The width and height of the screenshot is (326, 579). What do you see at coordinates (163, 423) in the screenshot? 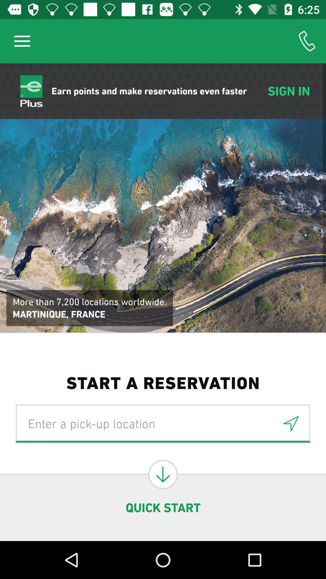
I see `a pick-up location` at bounding box center [163, 423].